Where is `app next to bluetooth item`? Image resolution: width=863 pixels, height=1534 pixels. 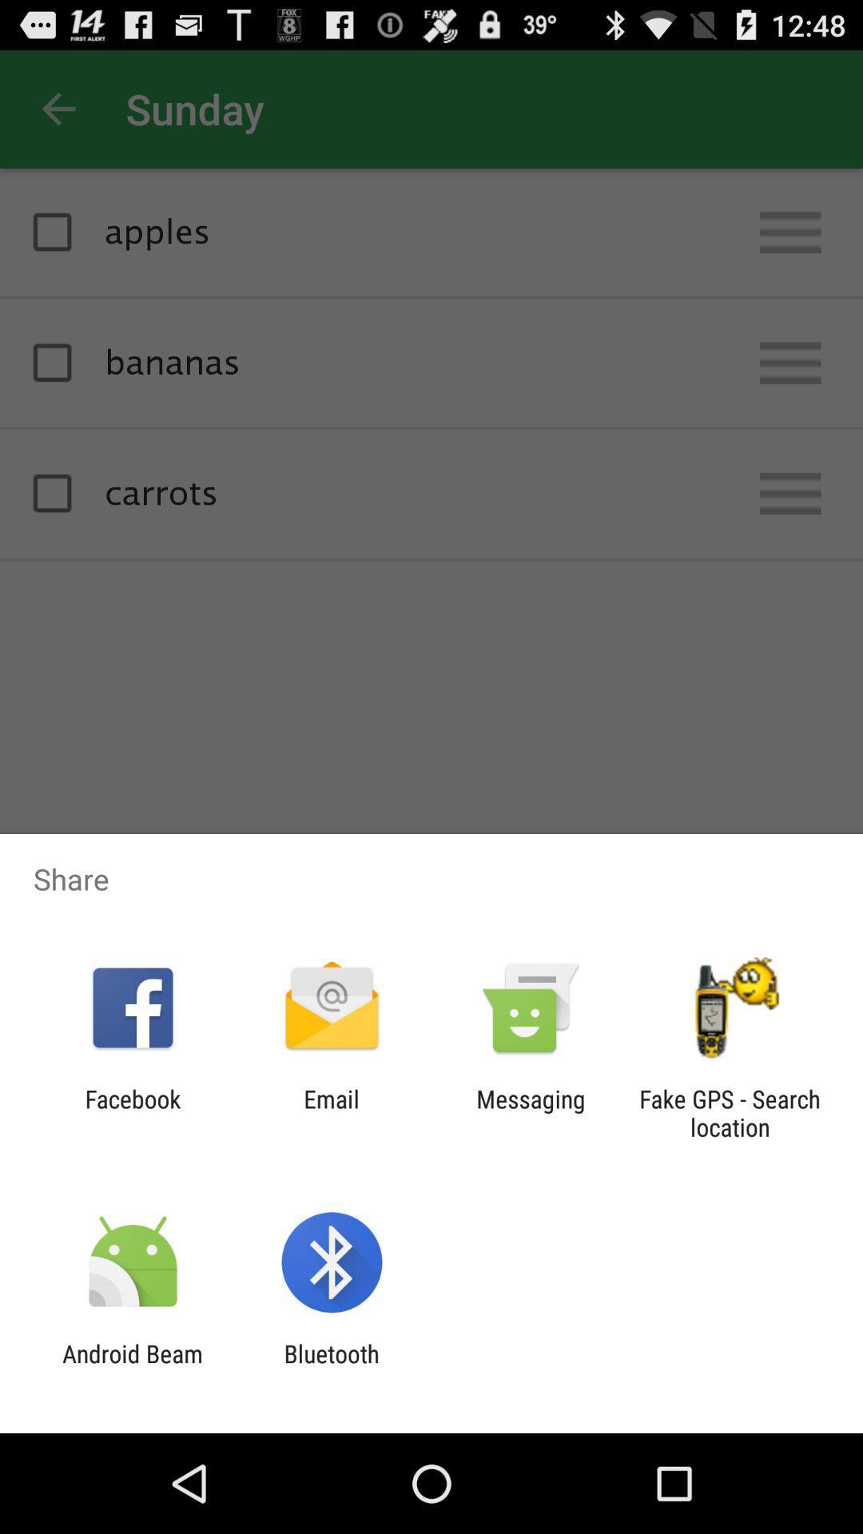
app next to bluetooth item is located at coordinates (132, 1367).